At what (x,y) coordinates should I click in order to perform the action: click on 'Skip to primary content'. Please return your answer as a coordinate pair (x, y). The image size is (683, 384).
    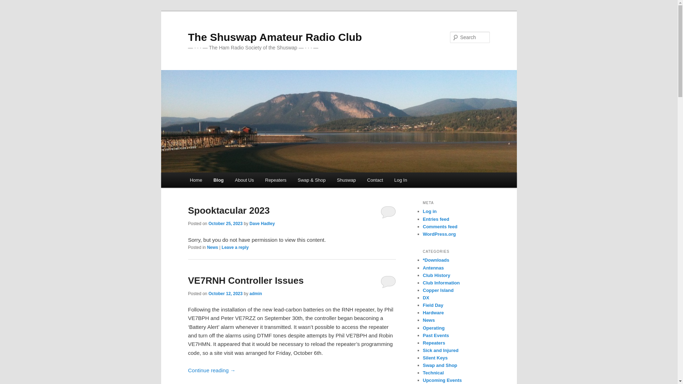
    Looking at the image, I should click on (194, 172).